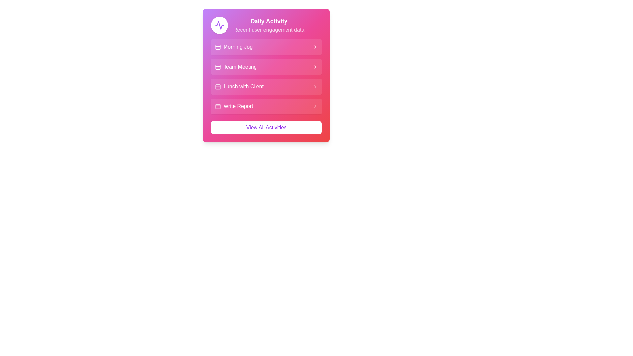 This screenshot has width=633, height=356. Describe the element at coordinates (266, 46) in the screenshot. I see `the first row of the activity list under 'Daily Activity'` at that location.